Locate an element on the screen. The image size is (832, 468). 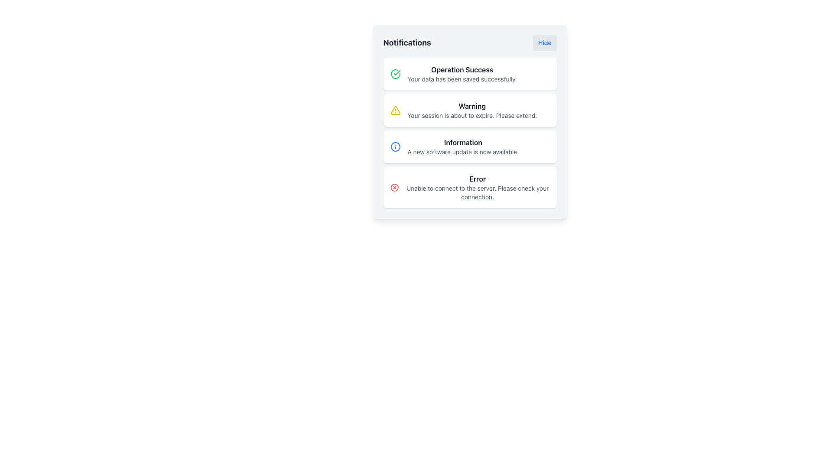
the 'Hide' button located in the upper-right corner of the notifications section, which has a light gray background and rounded corners is located at coordinates (544, 43).